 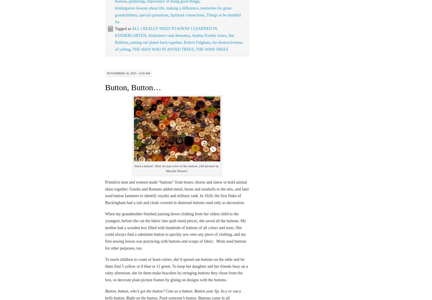 What do you see at coordinates (175, 231) in the screenshot?
I see `'When my grandmother finished passing down clothing from her oldest child to the youngest, before she cut the fabric into quilt-sized pieces, she saved all the buttons. My mother had a wooden box filled with hundreds of buttons of all colors and sizes. She could always find a substitute button to quickly sew onto any piece of clothing, and my first sewing lesson was practicing with buttons and scraps of fabric.  Mom used buttons for other purposes, too.'` at bounding box center [175, 231].